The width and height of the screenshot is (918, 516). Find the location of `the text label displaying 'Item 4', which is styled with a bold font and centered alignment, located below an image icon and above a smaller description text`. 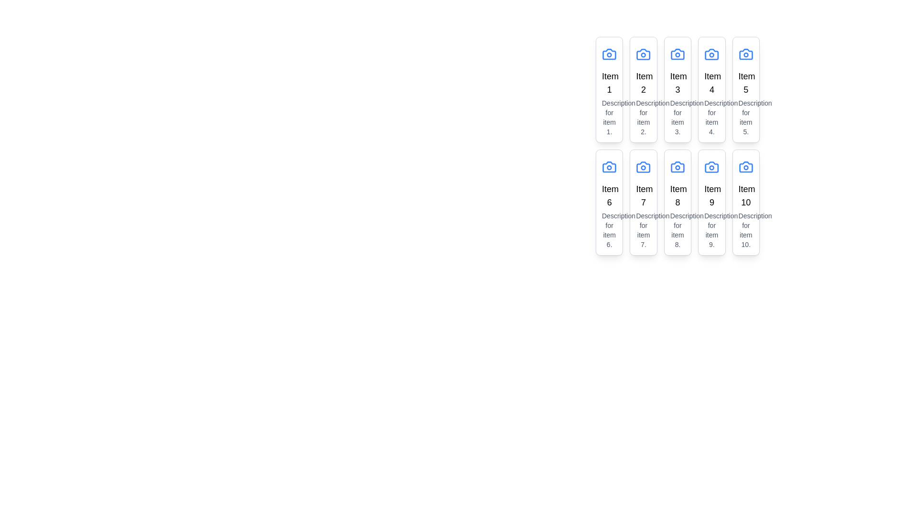

the text label displaying 'Item 4', which is styled with a bold font and centered alignment, located below an image icon and above a smaller description text is located at coordinates (711, 82).